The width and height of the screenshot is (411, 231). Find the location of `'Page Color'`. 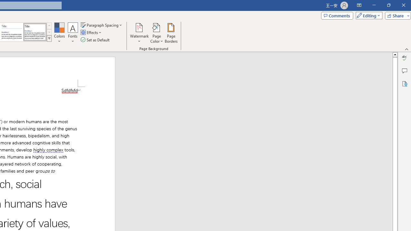

'Page Color' is located at coordinates (157, 33).